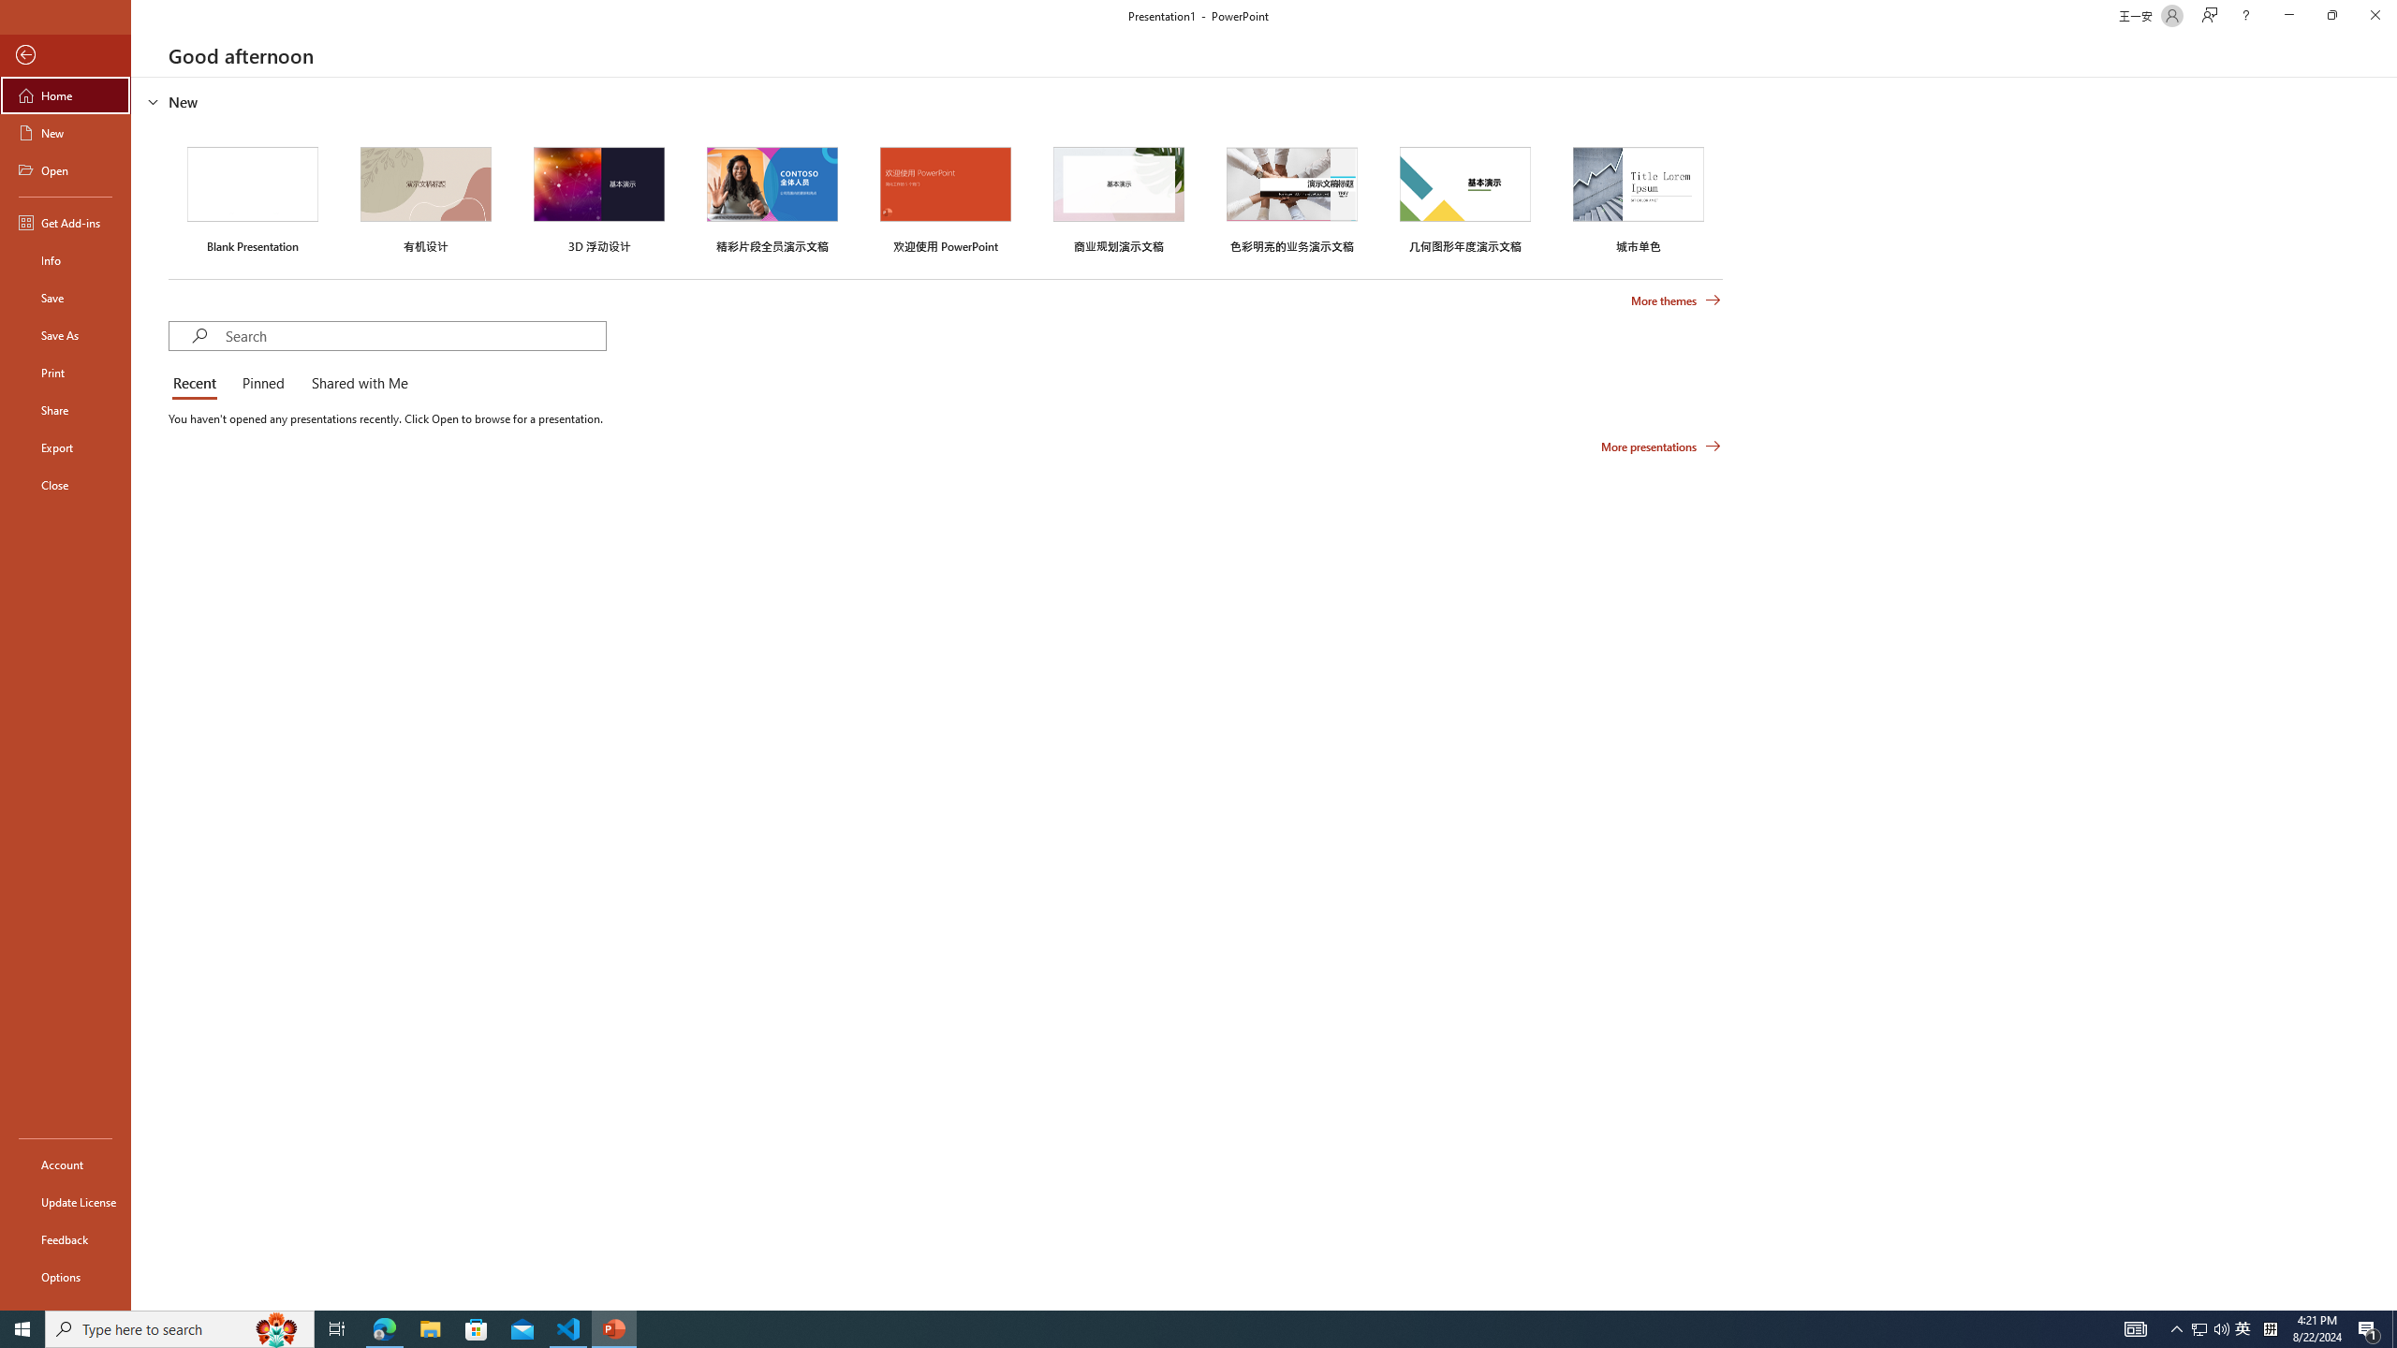 The width and height of the screenshot is (2397, 1348). What do you see at coordinates (198, 384) in the screenshot?
I see `'Recent'` at bounding box center [198, 384].